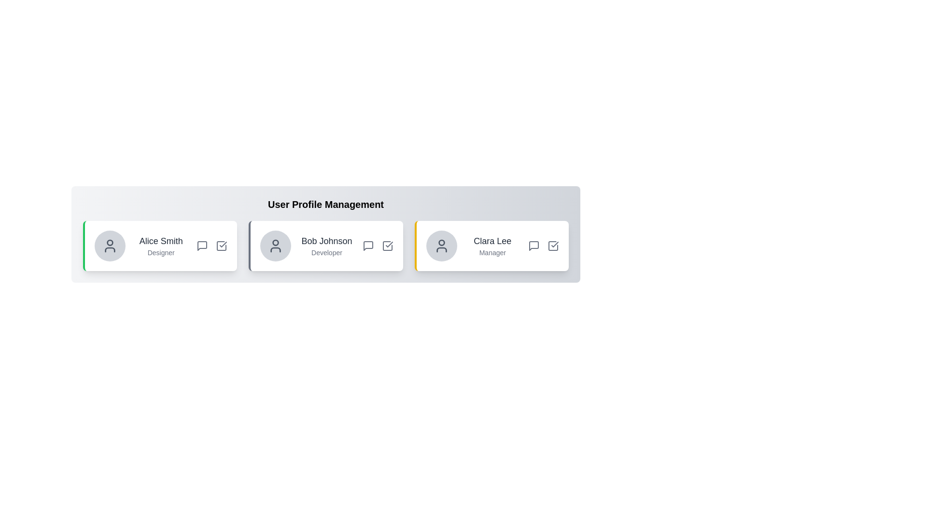  Describe the element at coordinates (326, 245) in the screenshot. I see `the Text Display element that shows the user's name 'Bob Johnson' and their role 'Developer', located centrally within the middle card of the user profile management system` at that location.